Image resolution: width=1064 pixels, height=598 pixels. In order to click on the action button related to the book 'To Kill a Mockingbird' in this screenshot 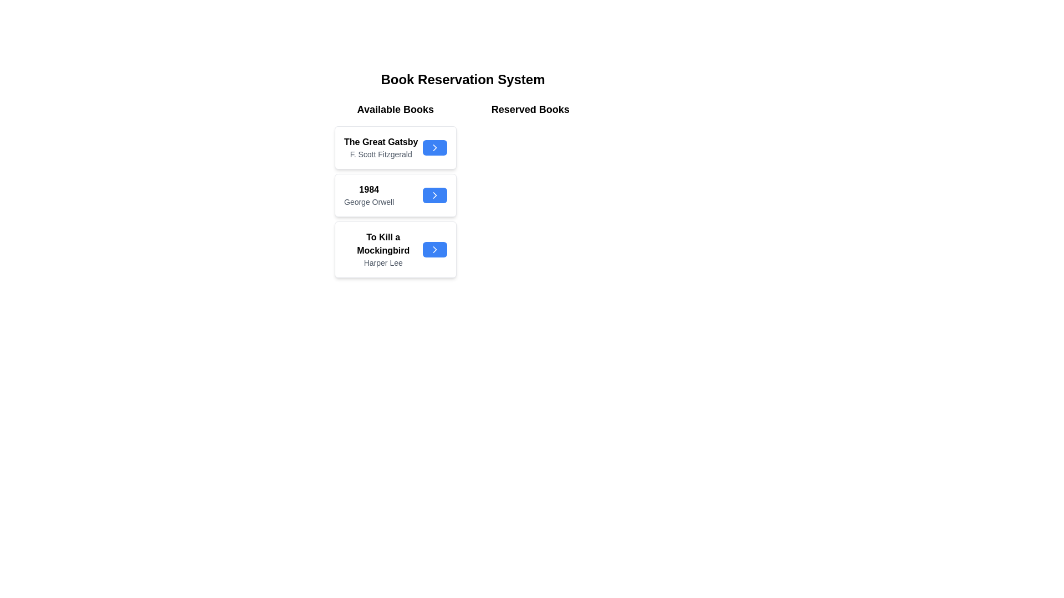, I will do `click(434, 250)`.